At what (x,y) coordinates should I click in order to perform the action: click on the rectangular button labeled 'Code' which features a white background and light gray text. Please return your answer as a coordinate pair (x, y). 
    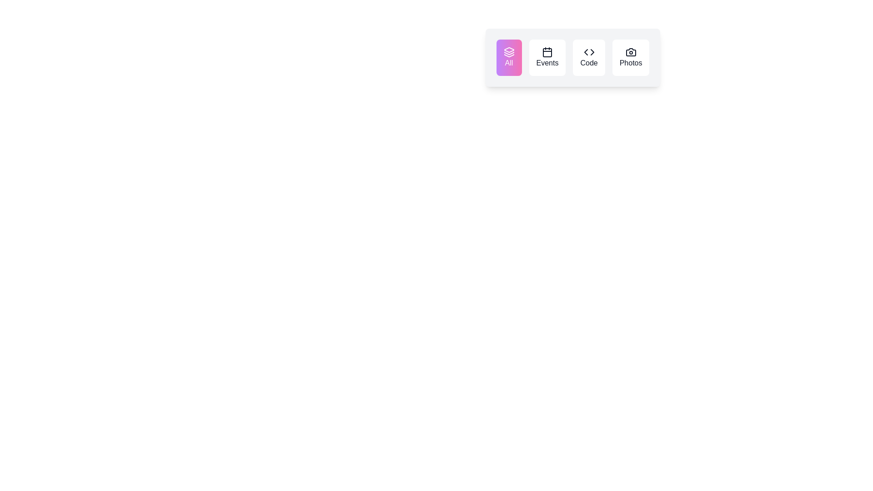
    Looking at the image, I should click on (589, 58).